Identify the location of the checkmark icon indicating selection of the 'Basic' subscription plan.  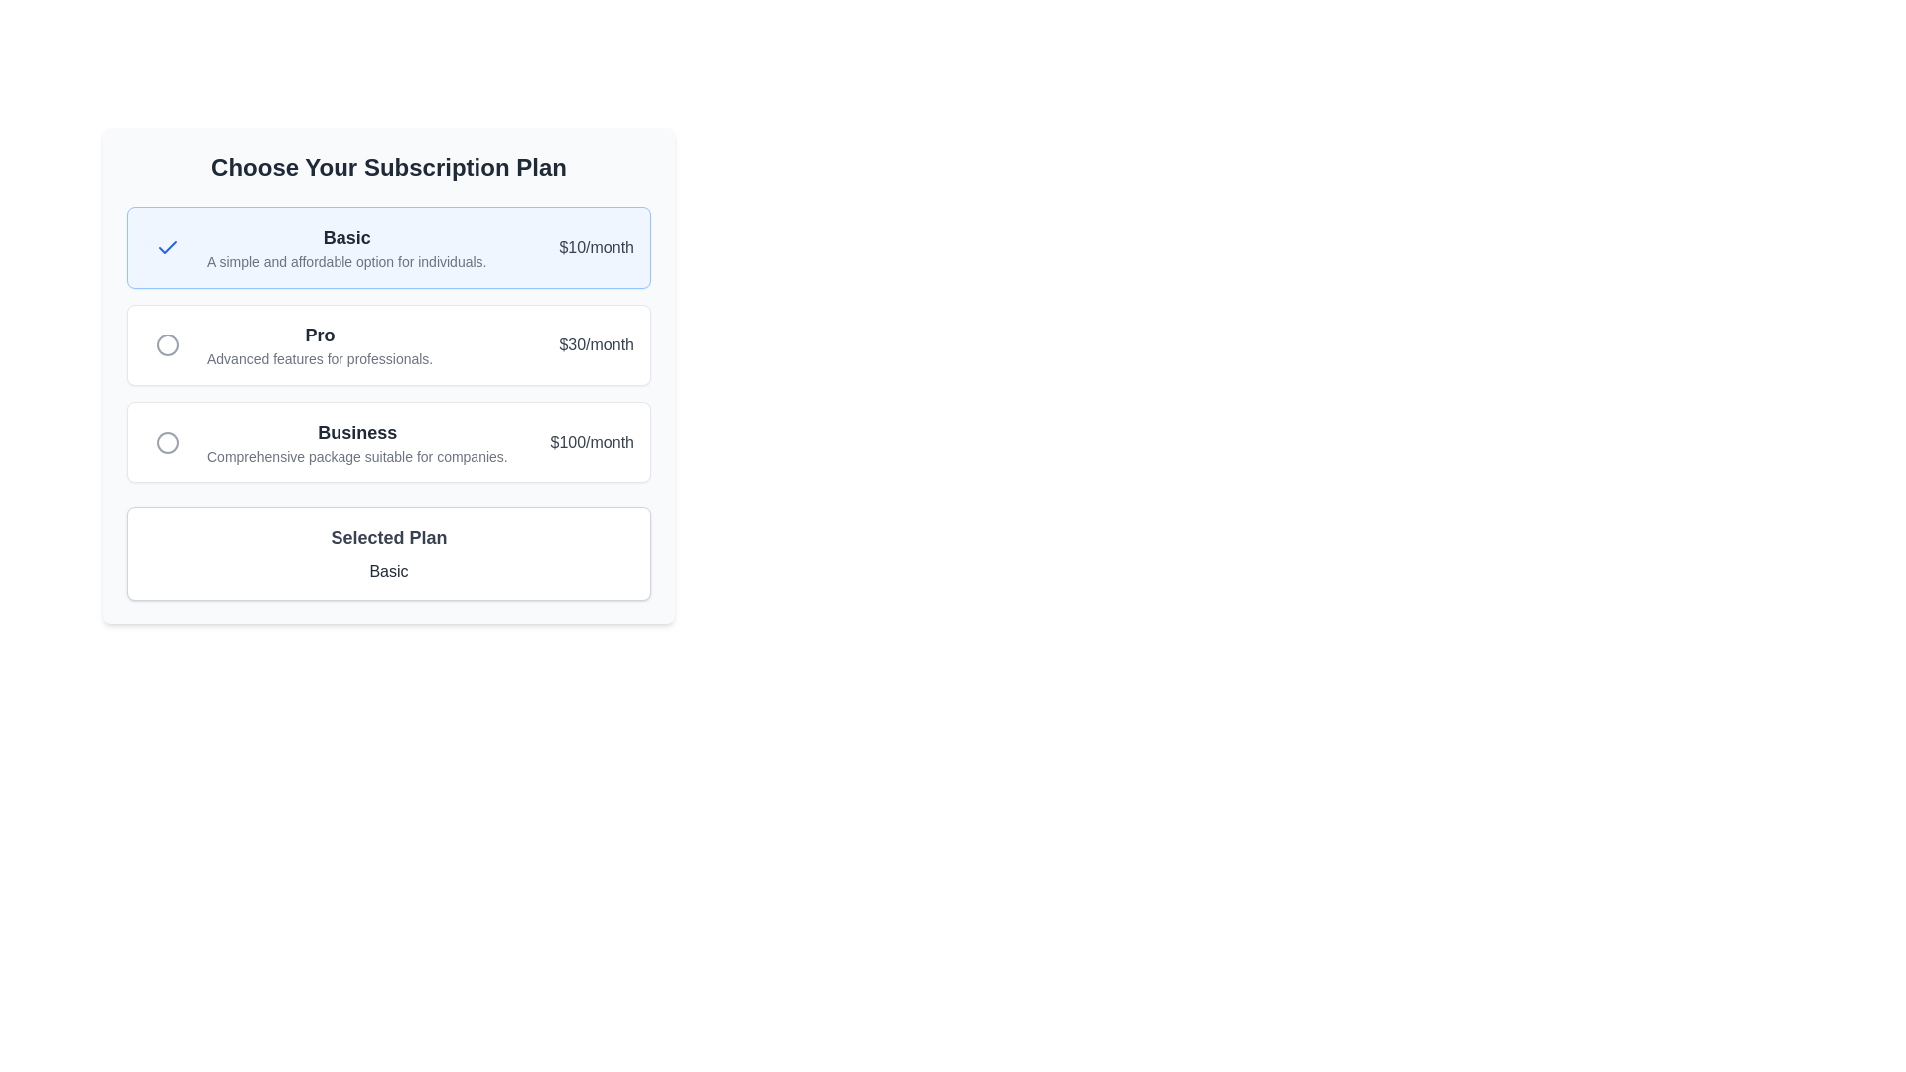
(167, 246).